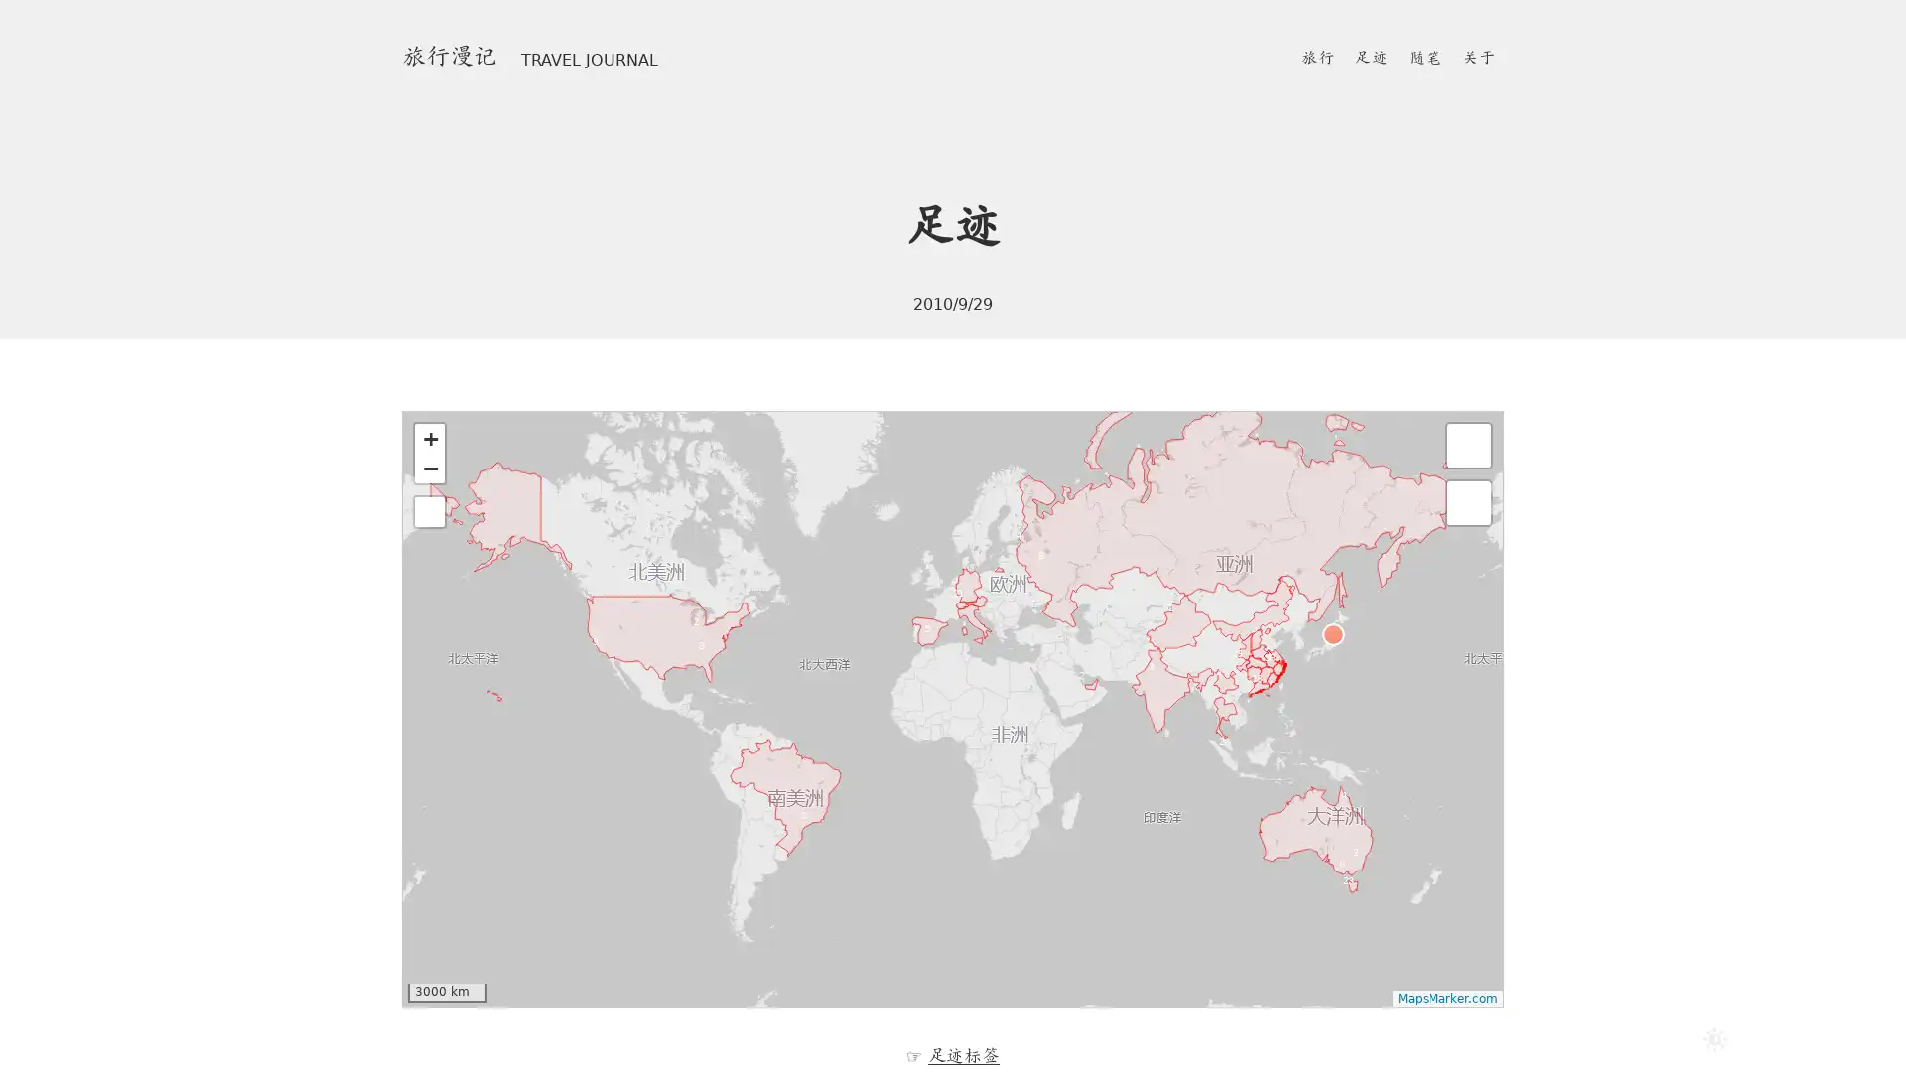  What do you see at coordinates (1361, 857) in the screenshot?
I see `2` at bounding box center [1361, 857].